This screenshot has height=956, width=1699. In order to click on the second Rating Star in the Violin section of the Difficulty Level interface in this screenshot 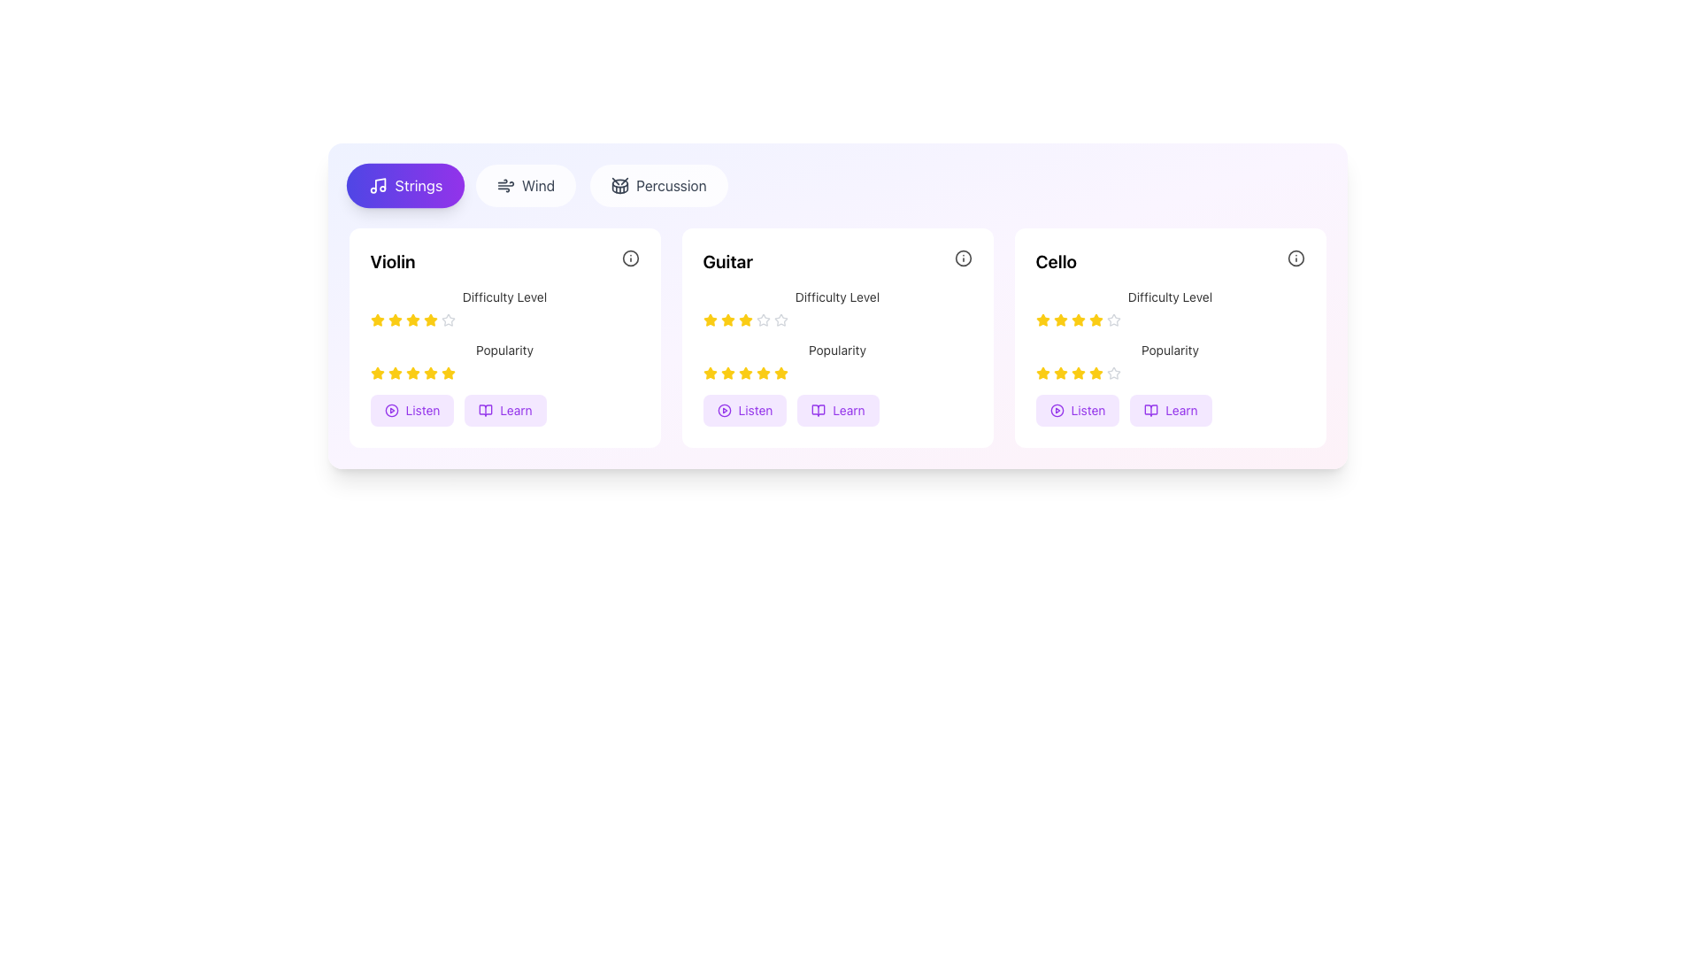, I will do `click(394, 320)`.